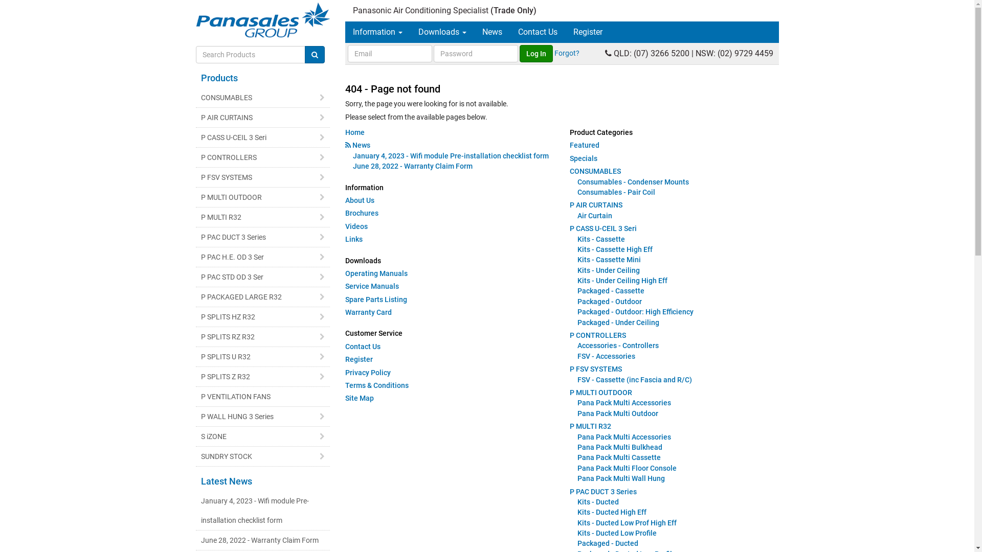  What do you see at coordinates (608, 543) in the screenshot?
I see `'Packaged - Ducted'` at bounding box center [608, 543].